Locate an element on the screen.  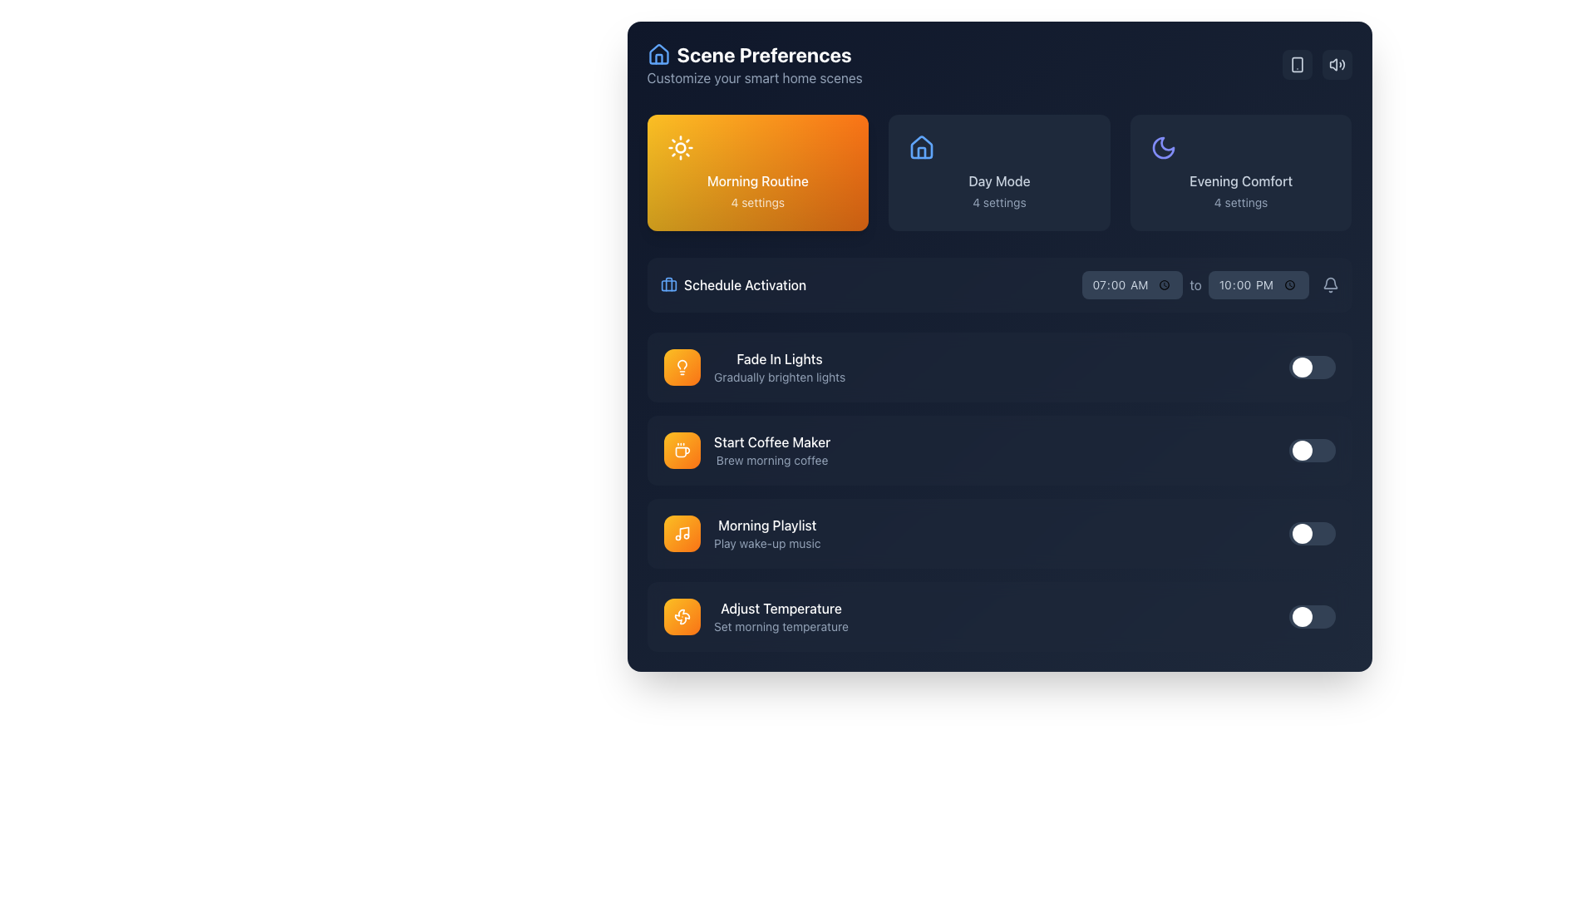
the text label stating '4 settings' that is styled in light gray color and positioned under the 'Day Mode' section title is located at coordinates (998, 201).